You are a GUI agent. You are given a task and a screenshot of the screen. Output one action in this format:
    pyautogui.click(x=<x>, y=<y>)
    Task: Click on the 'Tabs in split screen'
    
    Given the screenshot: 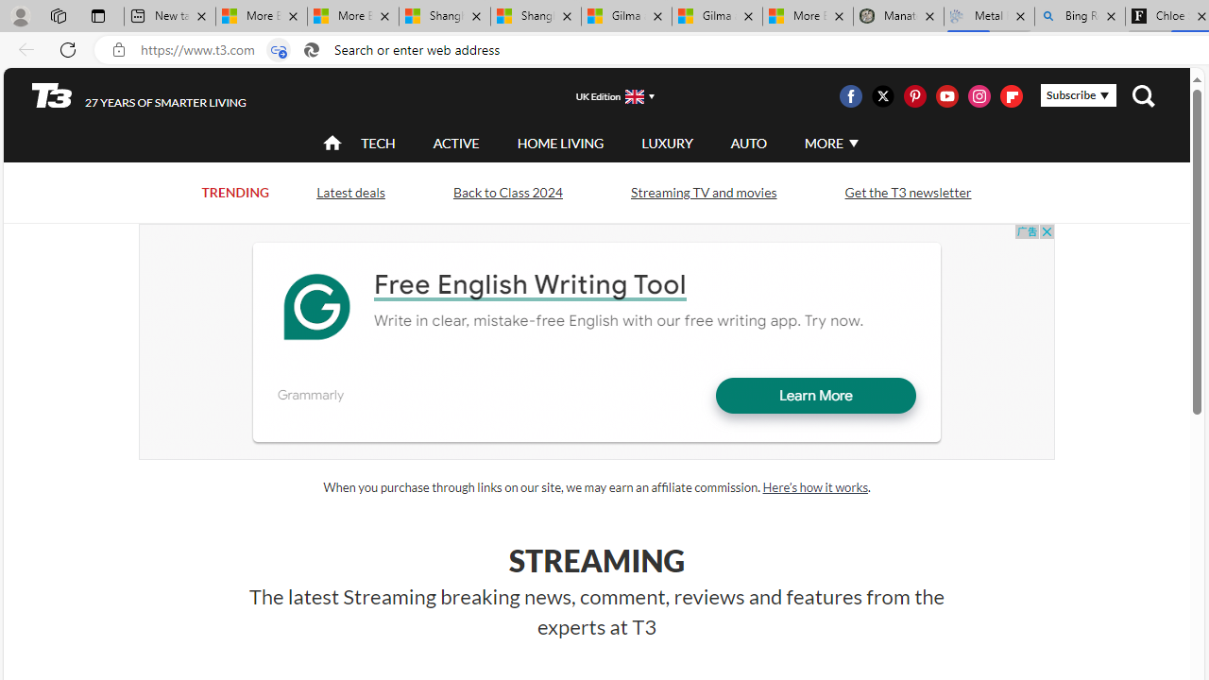 What is the action you would take?
    pyautogui.click(x=278, y=49)
    